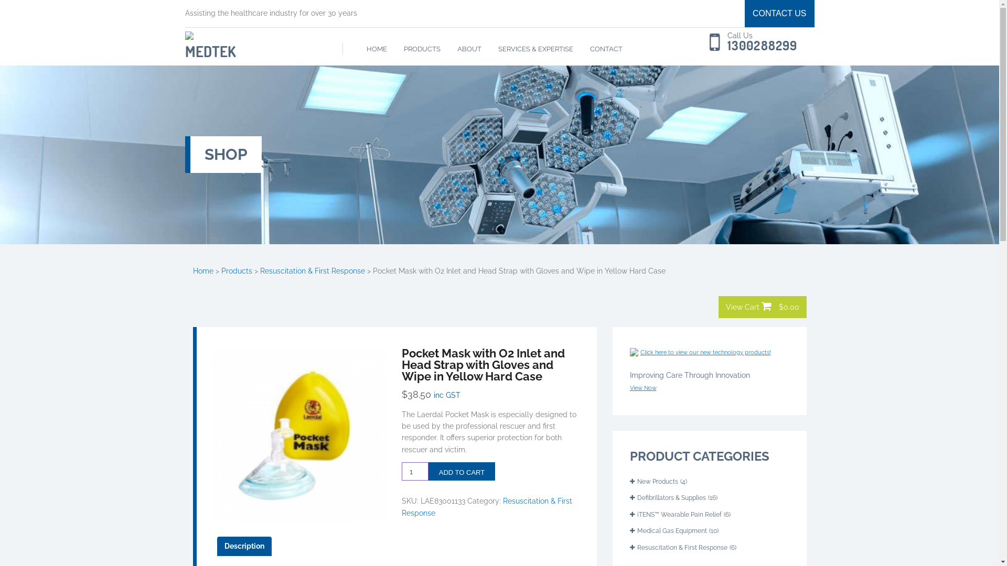  I want to click on '1300288299', so click(756, 46).